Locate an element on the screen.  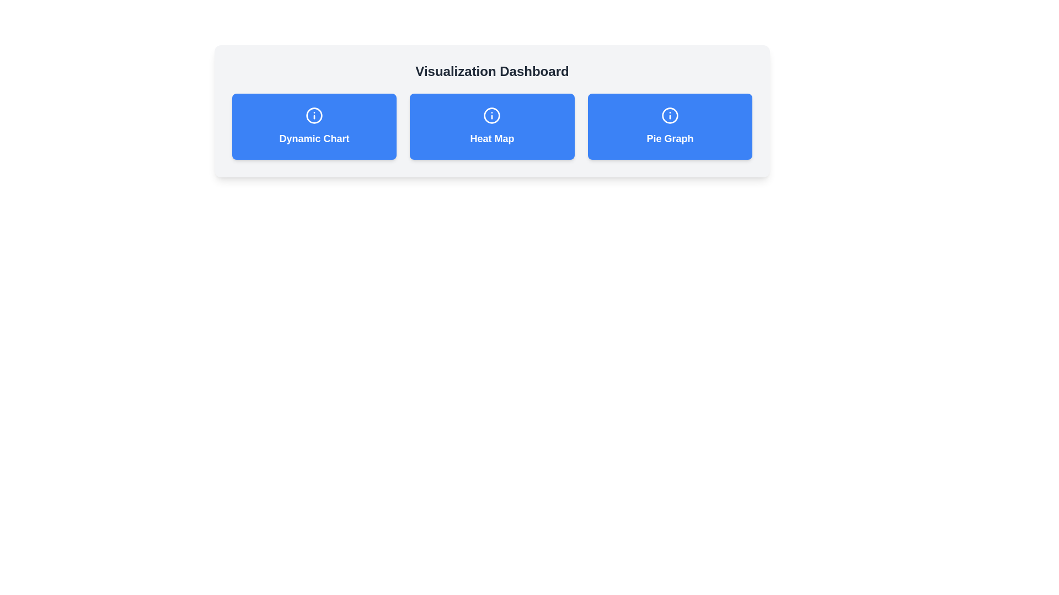
the circular 'i' icon within the 'Heat Map' card, which is the top-centered icon on the Visualization Dashboard is located at coordinates (491, 115).